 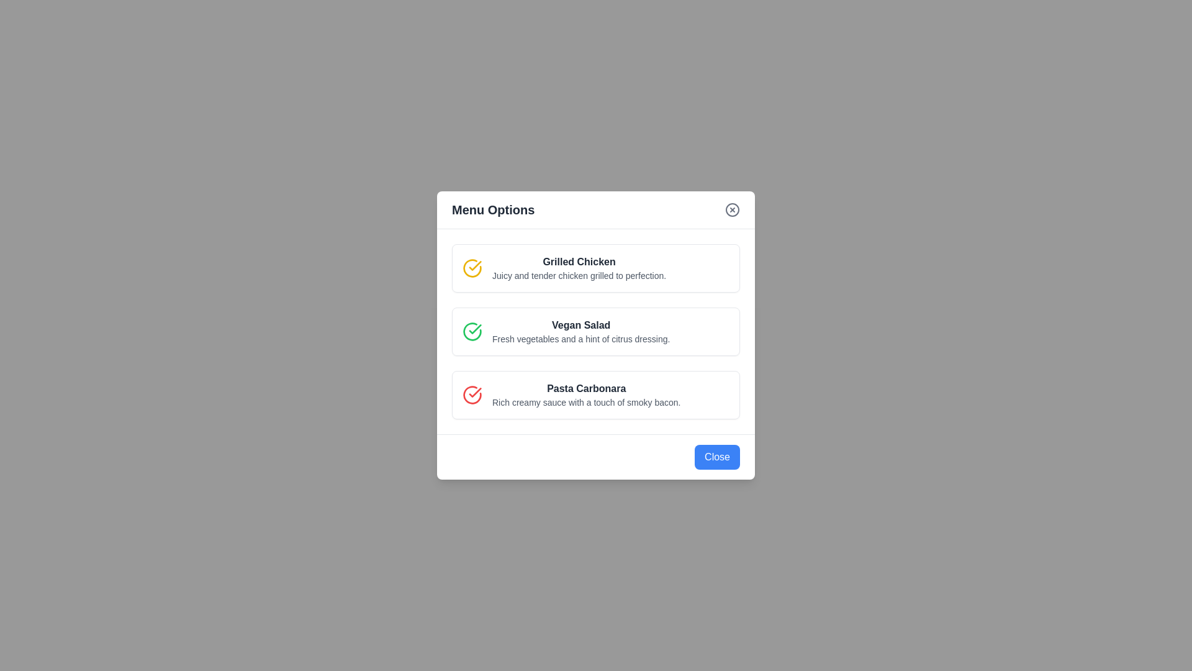 What do you see at coordinates (717, 457) in the screenshot?
I see `the close button to dismiss the dialog` at bounding box center [717, 457].